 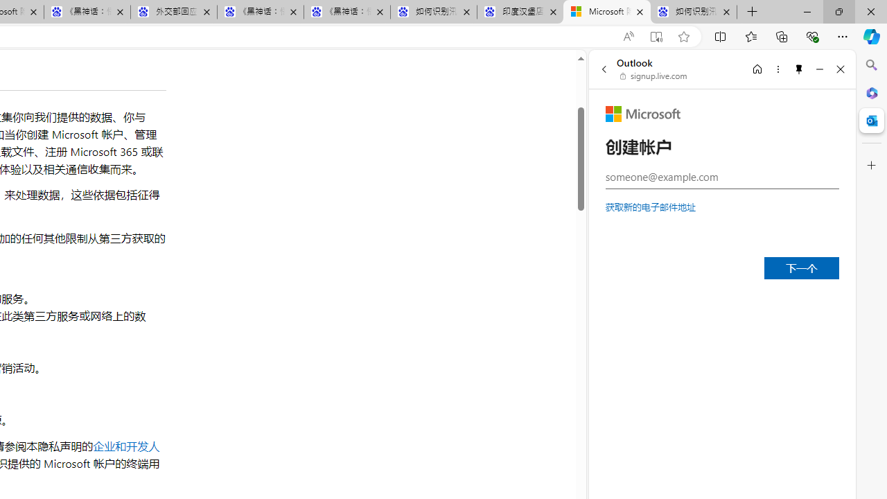 I want to click on 'signup.live.com', so click(x=653, y=76).